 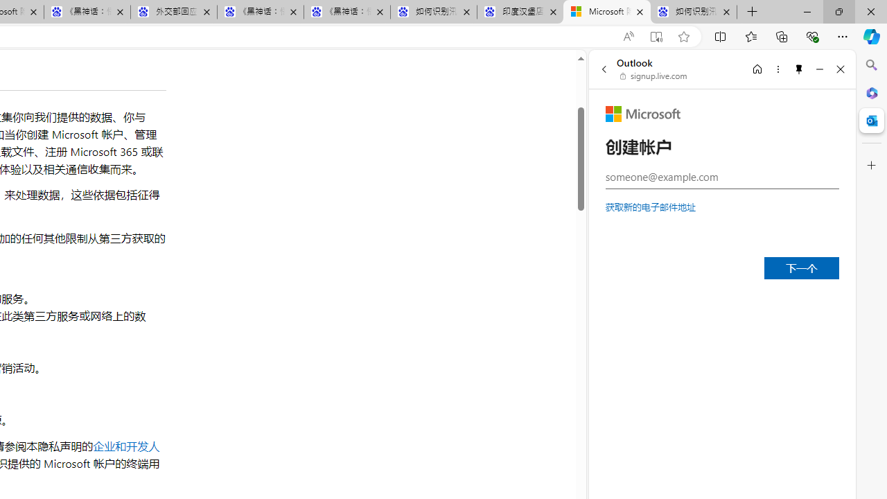 I want to click on 'signup.live.com', so click(x=653, y=76).